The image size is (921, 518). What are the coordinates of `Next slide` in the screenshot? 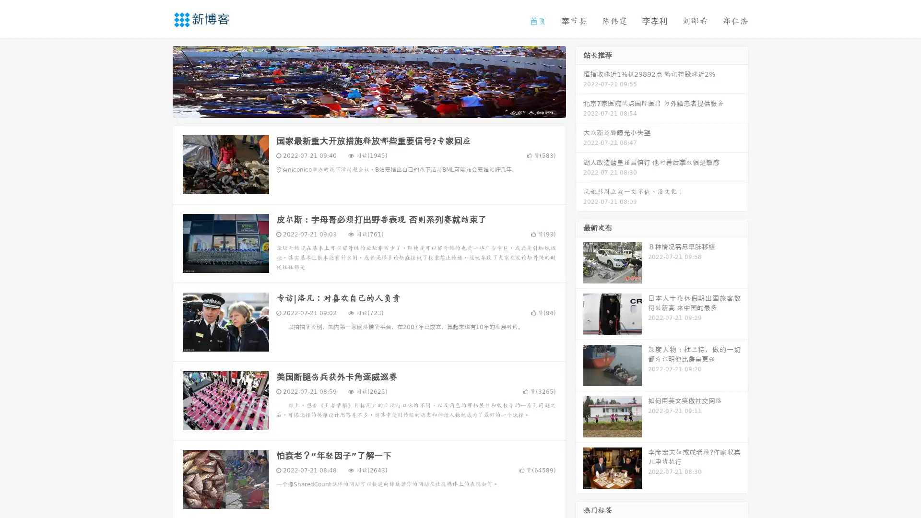 It's located at (579, 81).